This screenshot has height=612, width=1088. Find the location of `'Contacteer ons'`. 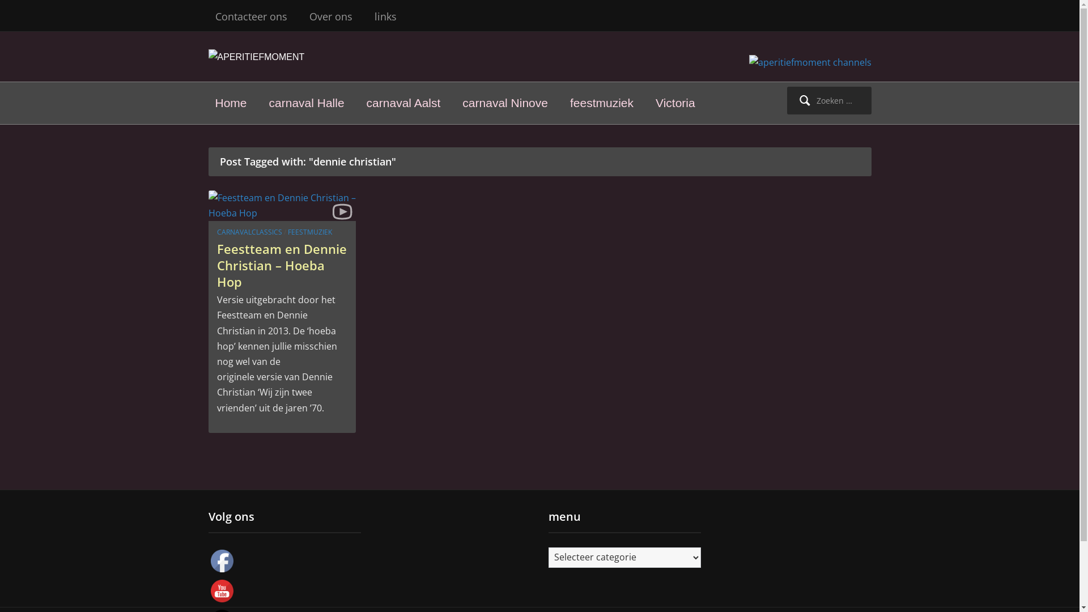

'Contacteer ons' is located at coordinates (250, 16).